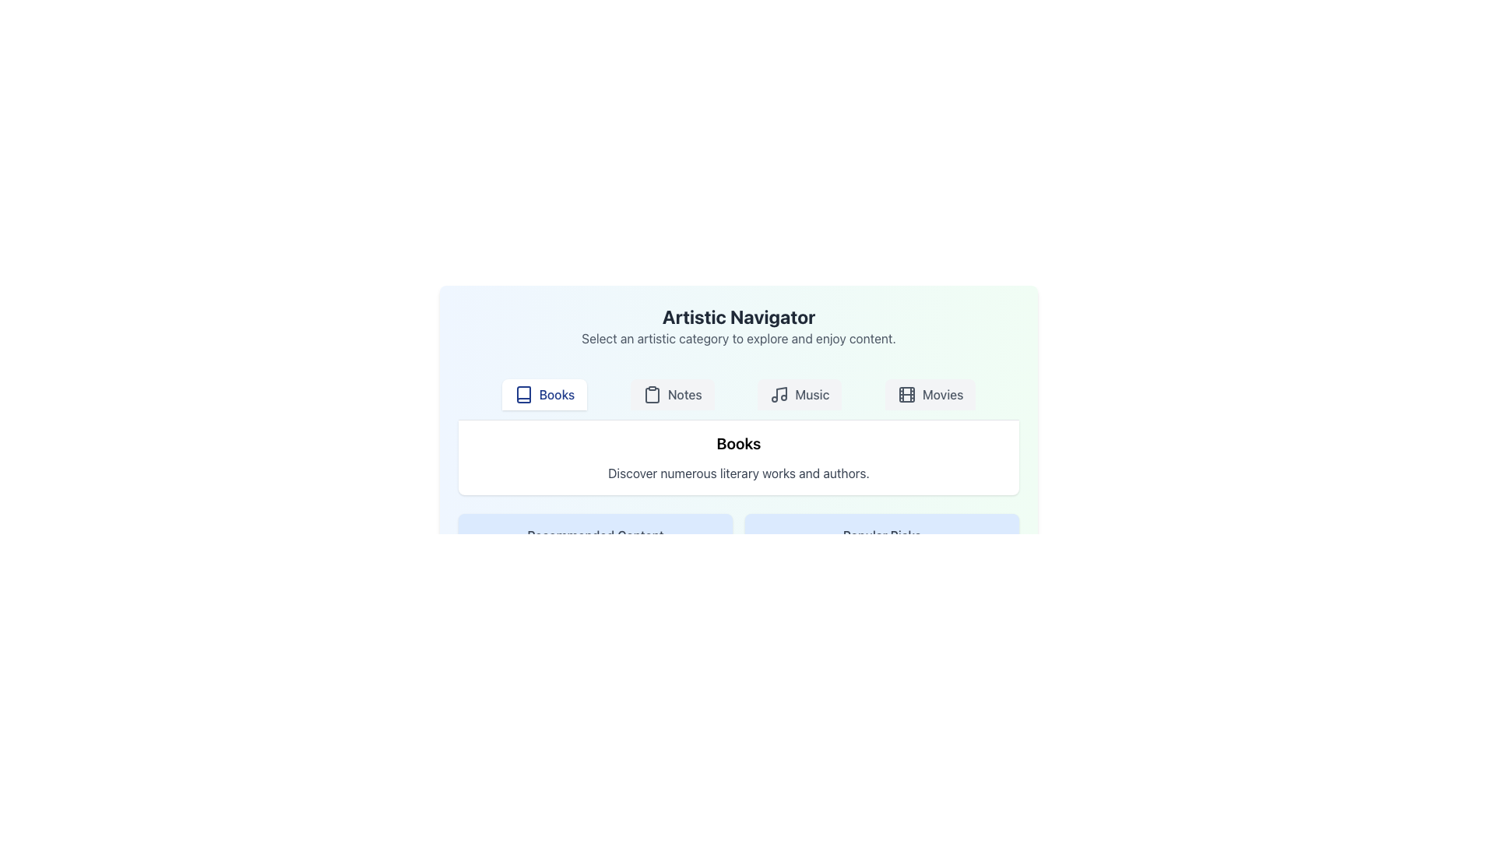  Describe the element at coordinates (738, 316) in the screenshot. I see `static text label displaying 'Artistic Navigator', which is styled in bold and large grayish black font and located at the top of the interface` at that location.